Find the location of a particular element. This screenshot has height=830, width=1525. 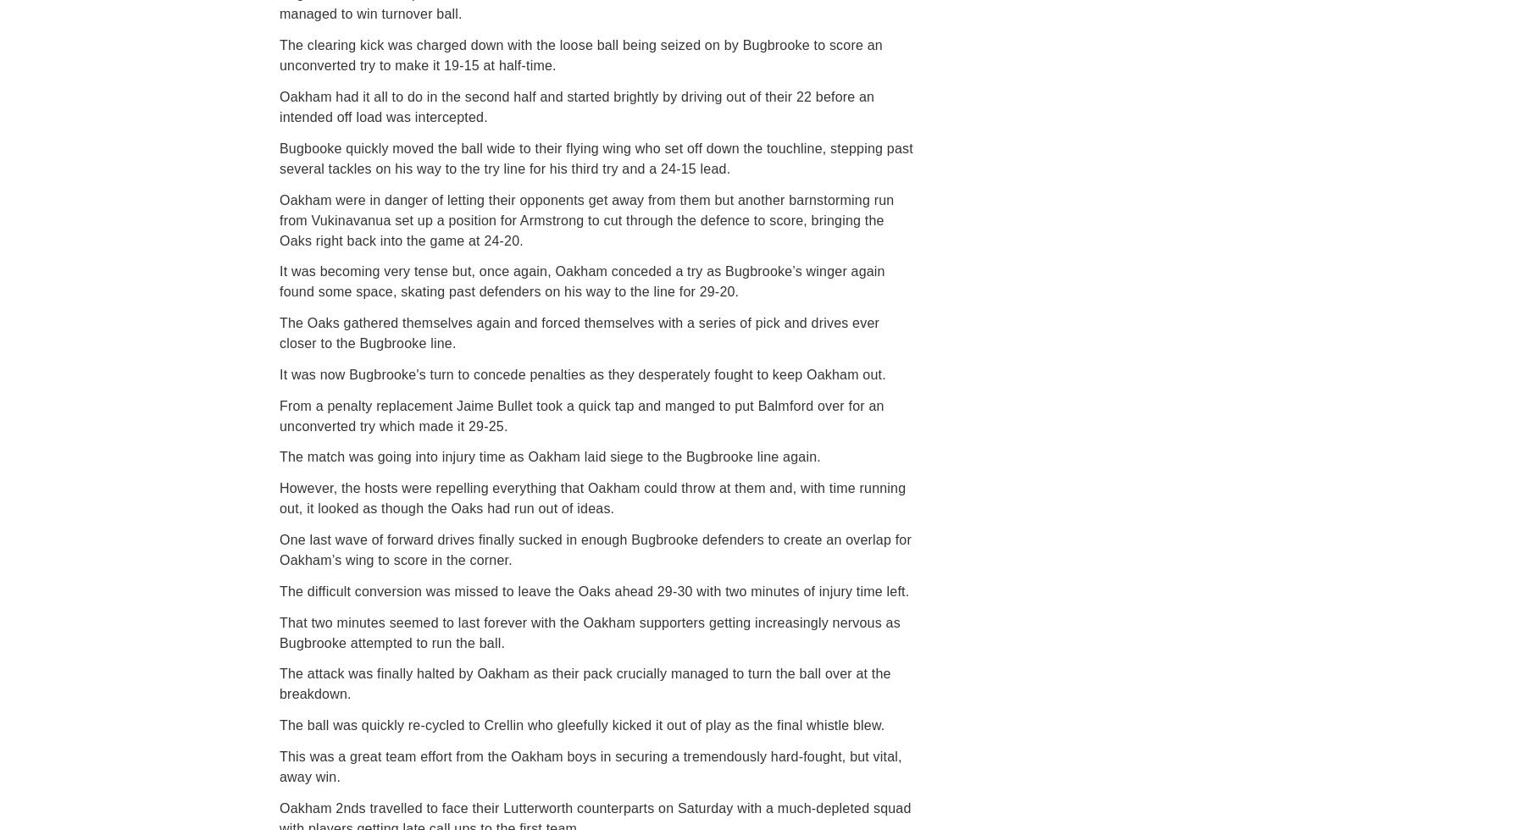

'This was a great team effort from the Oakham boys in securing a tremendously hard-fought, but vital, away win.' is located at coordinates (589, 766).